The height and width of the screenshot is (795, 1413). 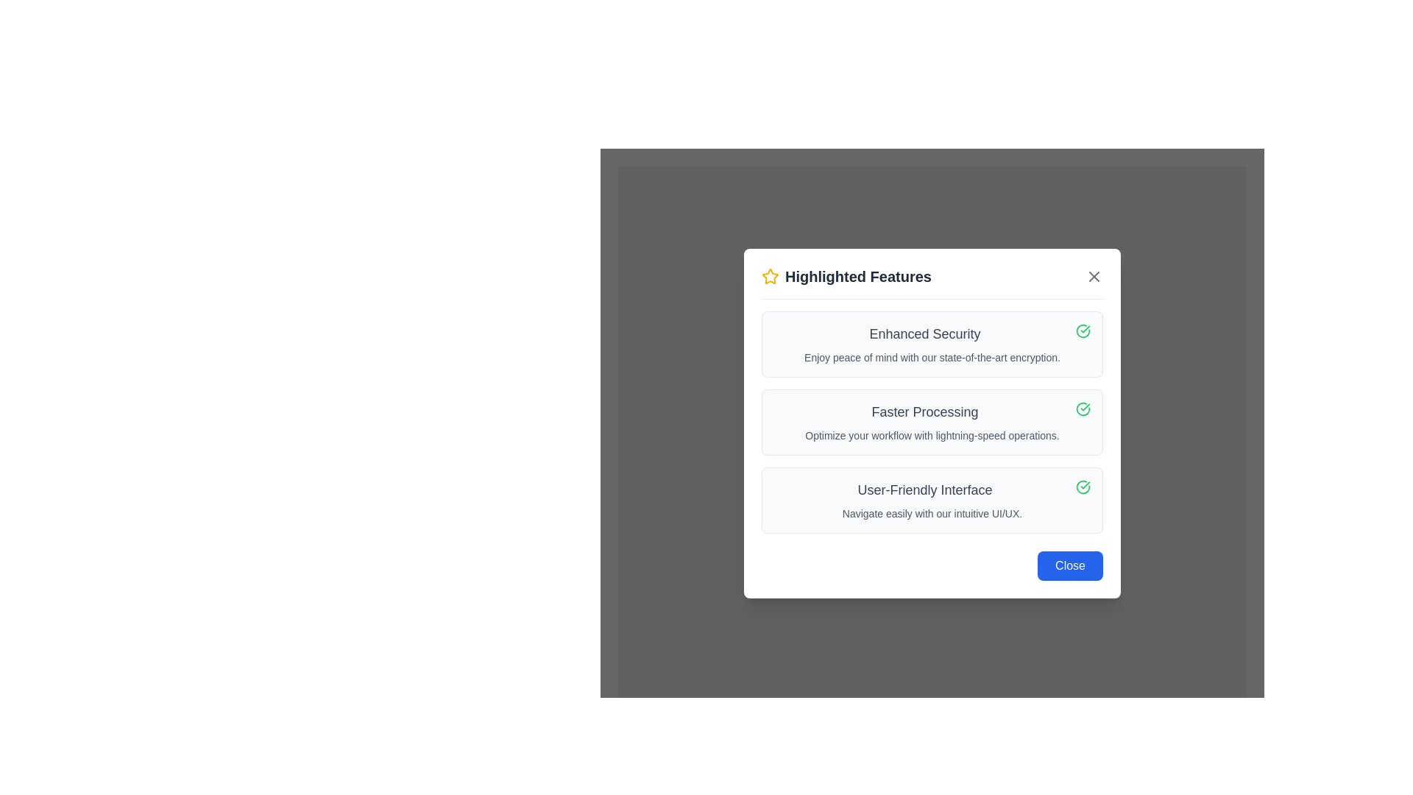 I want to click on the heading that serves as a title for enhanced security features, located at the top of the card-like component with rounded corners, so click(x=932, y=333).